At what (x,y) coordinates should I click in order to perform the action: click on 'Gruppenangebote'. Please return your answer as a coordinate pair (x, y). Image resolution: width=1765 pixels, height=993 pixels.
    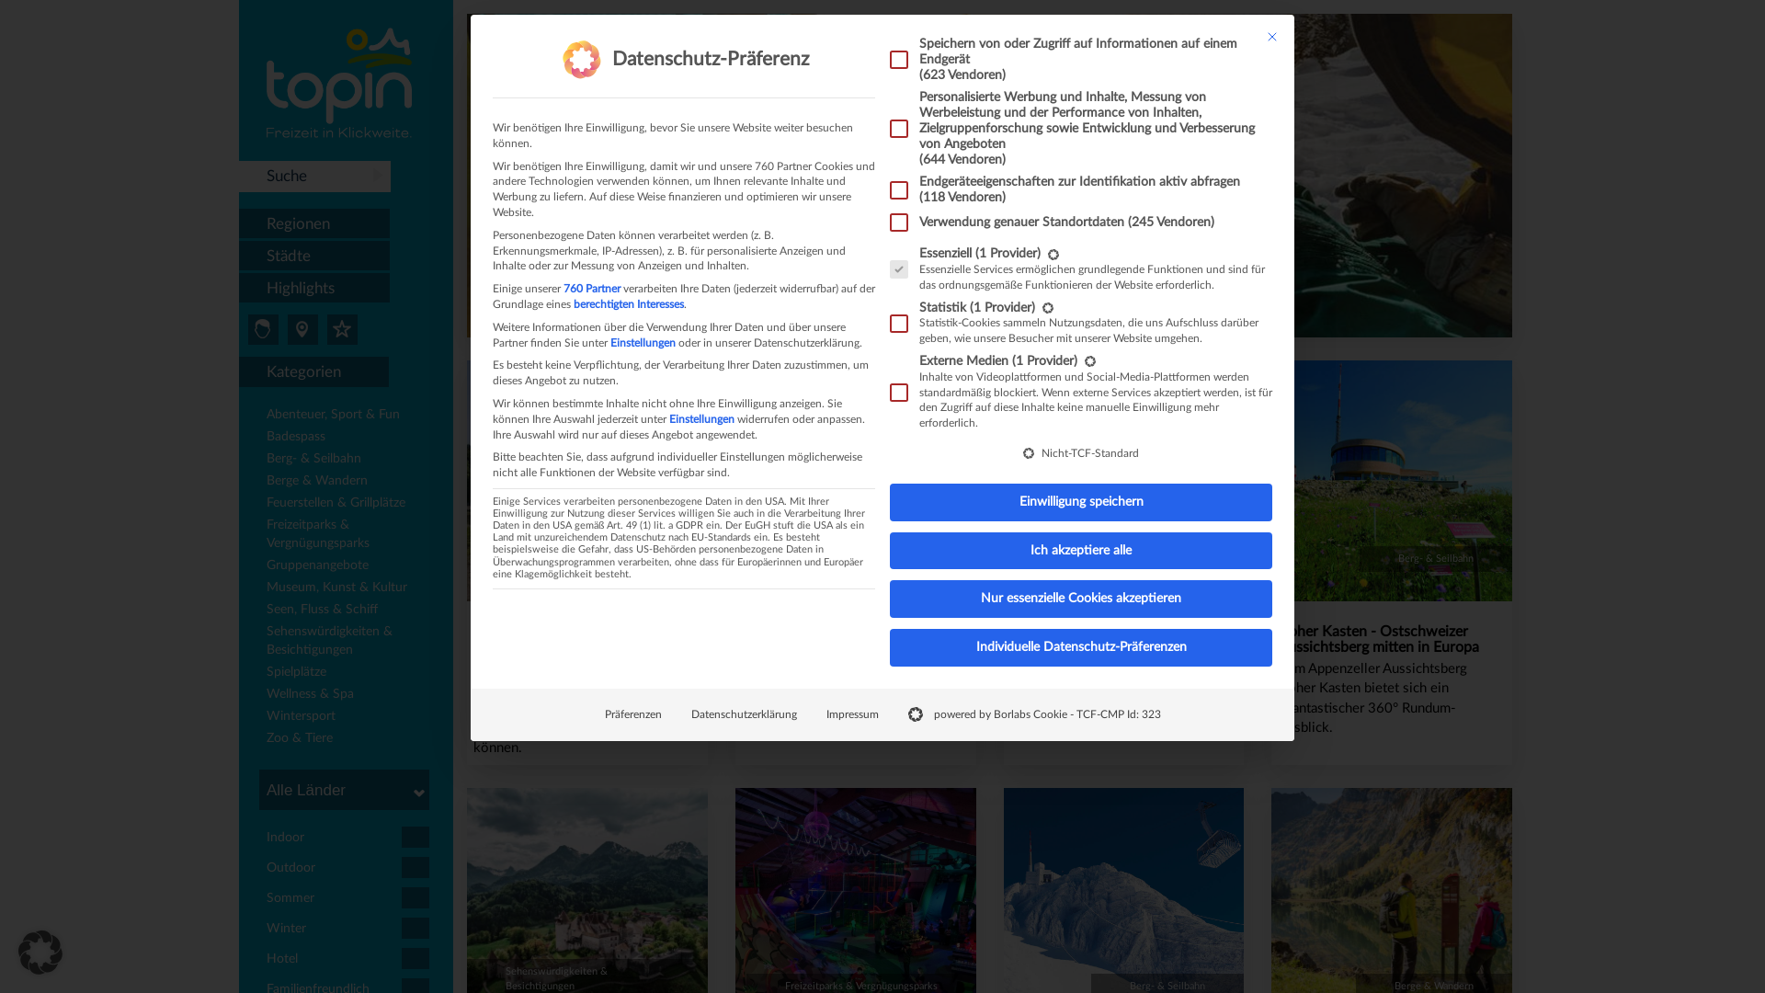
    Looking at the image, I should click on (351, 566).